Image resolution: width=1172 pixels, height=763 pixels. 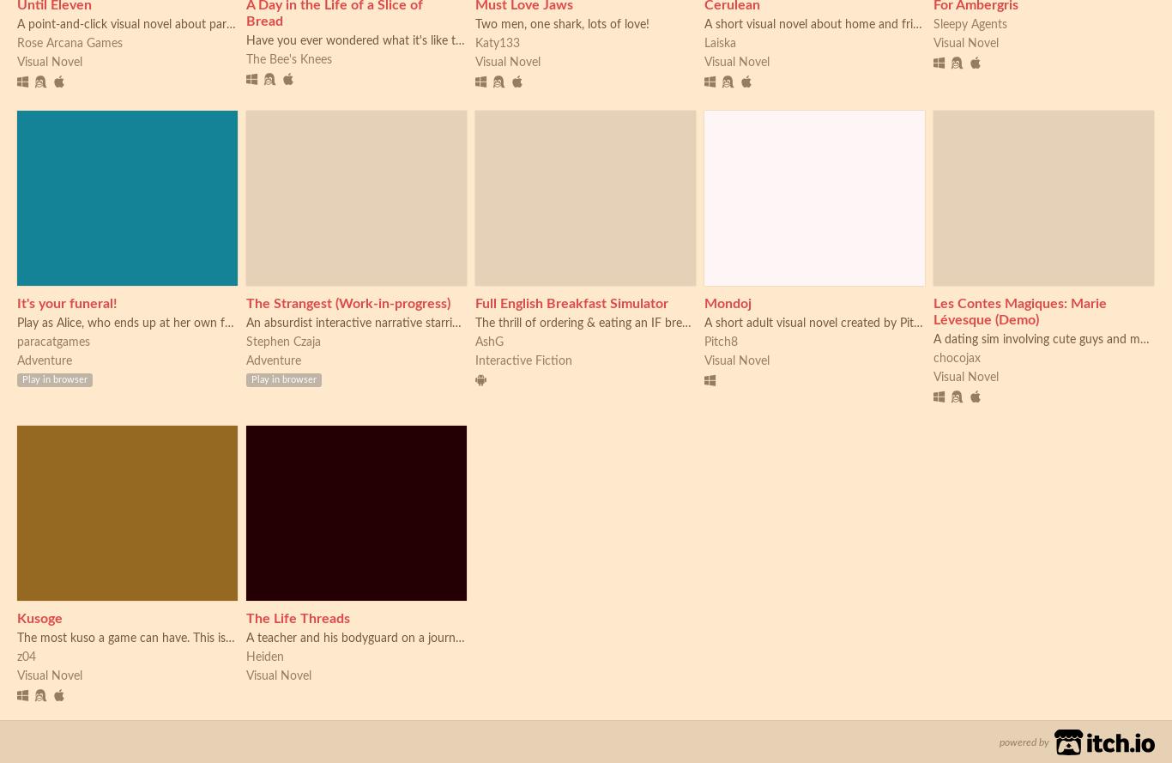 What do you see at coordinates (531, 40) in the screenshot?
I see `'Have you ever wondered what it's like to live life as a sentient slice of bread? Now's your chance to find out.'` at bounding box center [531, 40].